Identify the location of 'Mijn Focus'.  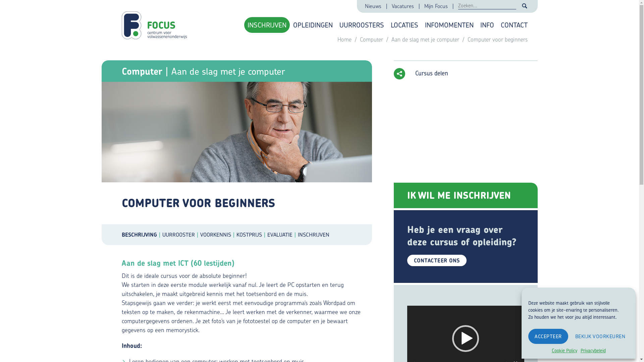
(436, 6).